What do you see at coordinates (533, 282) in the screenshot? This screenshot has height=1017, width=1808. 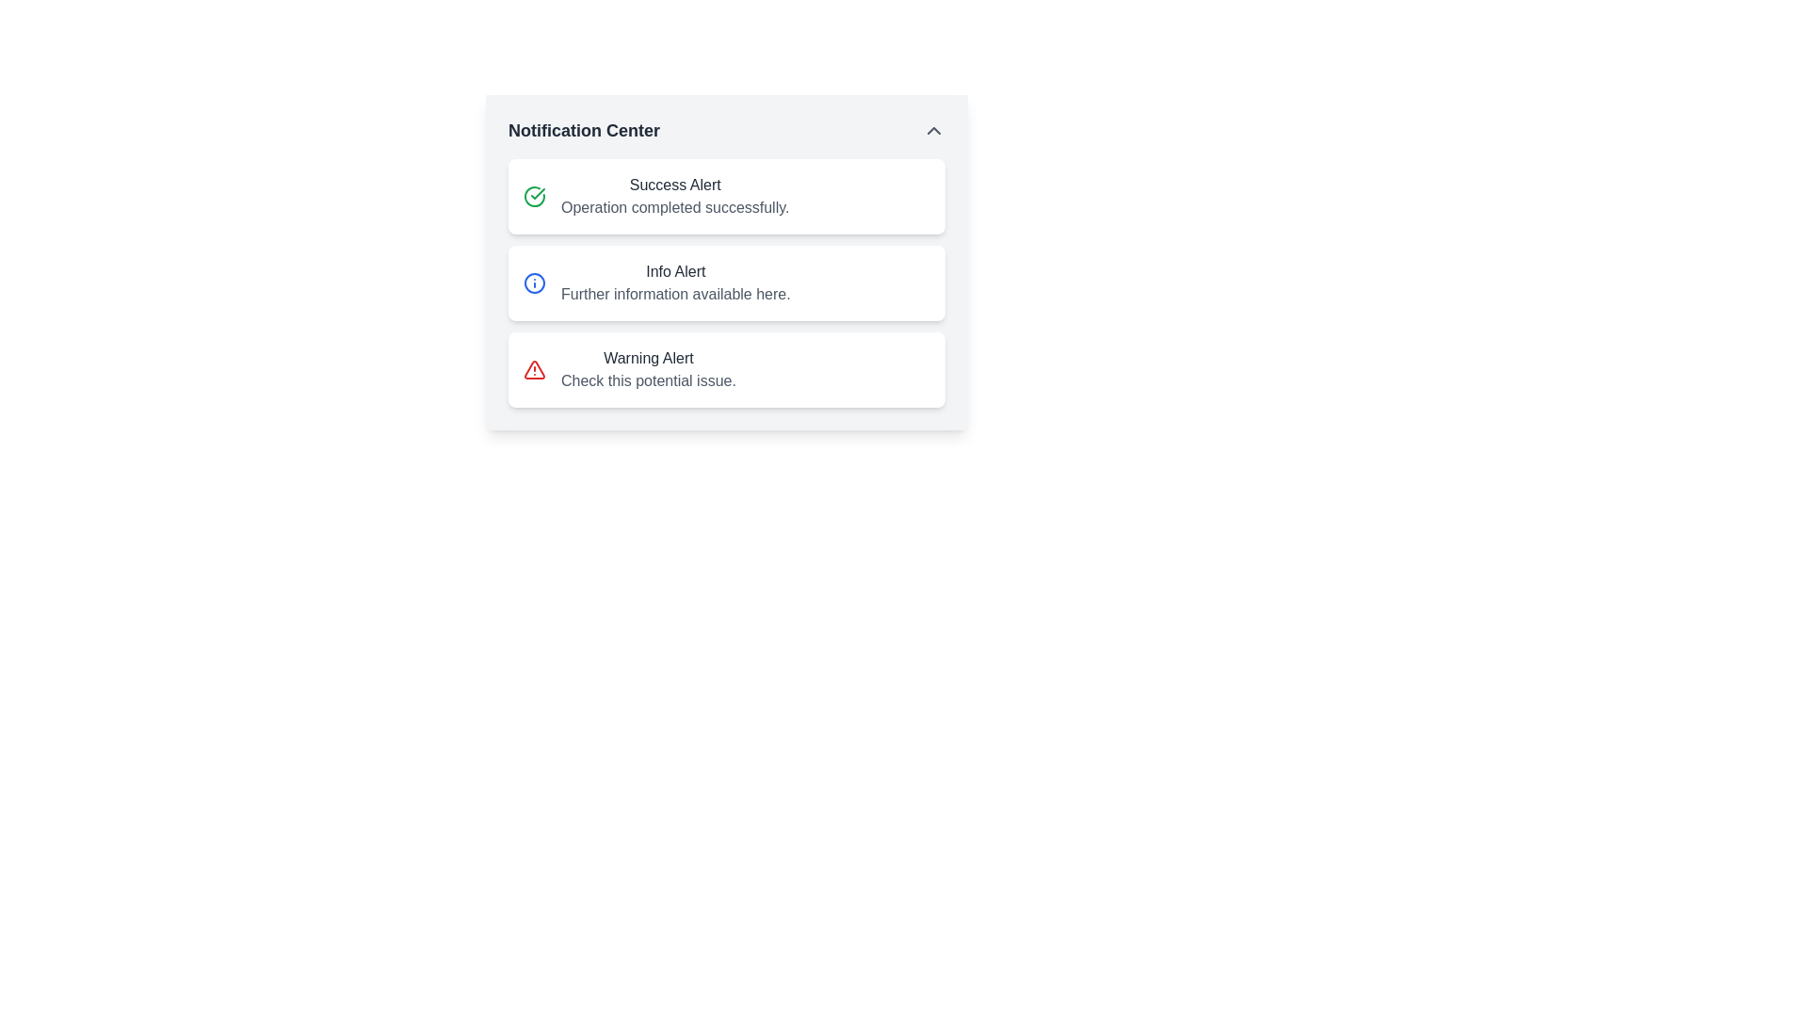 I see `the circular blue outlined information icon with a centered 'i', located in the notification center on the left side of the second row` at bounding box center [533, 282].